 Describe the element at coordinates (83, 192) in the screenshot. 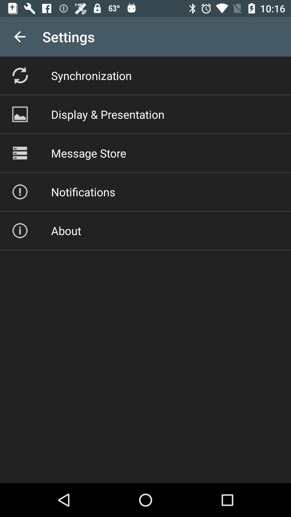

I see `the icon below the message store icon` at that location.